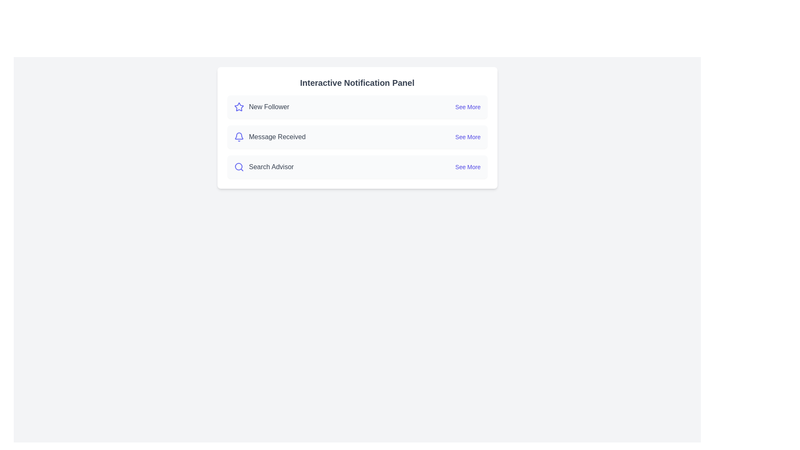 This screenshot has height=450, width=800. What do you see at coordinates (468, 136) in the screenshot?
I see `the hyperlink located at the far right of the 'Message Received' notification` at bounding box center [468, 136].